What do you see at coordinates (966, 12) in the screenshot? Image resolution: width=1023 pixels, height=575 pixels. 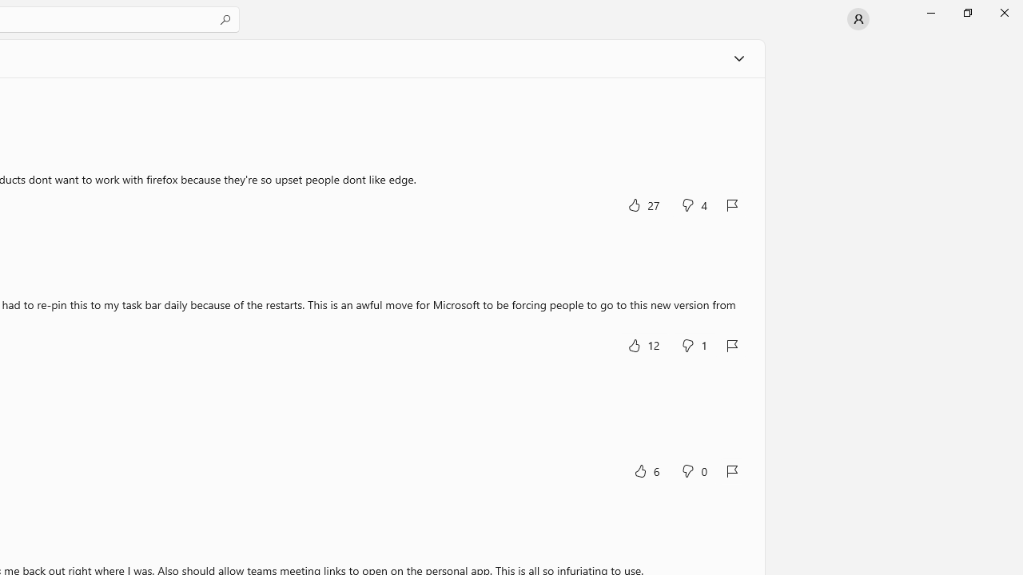 I see `'Restore Microsoft Store'` at bounding box center [966, 12].